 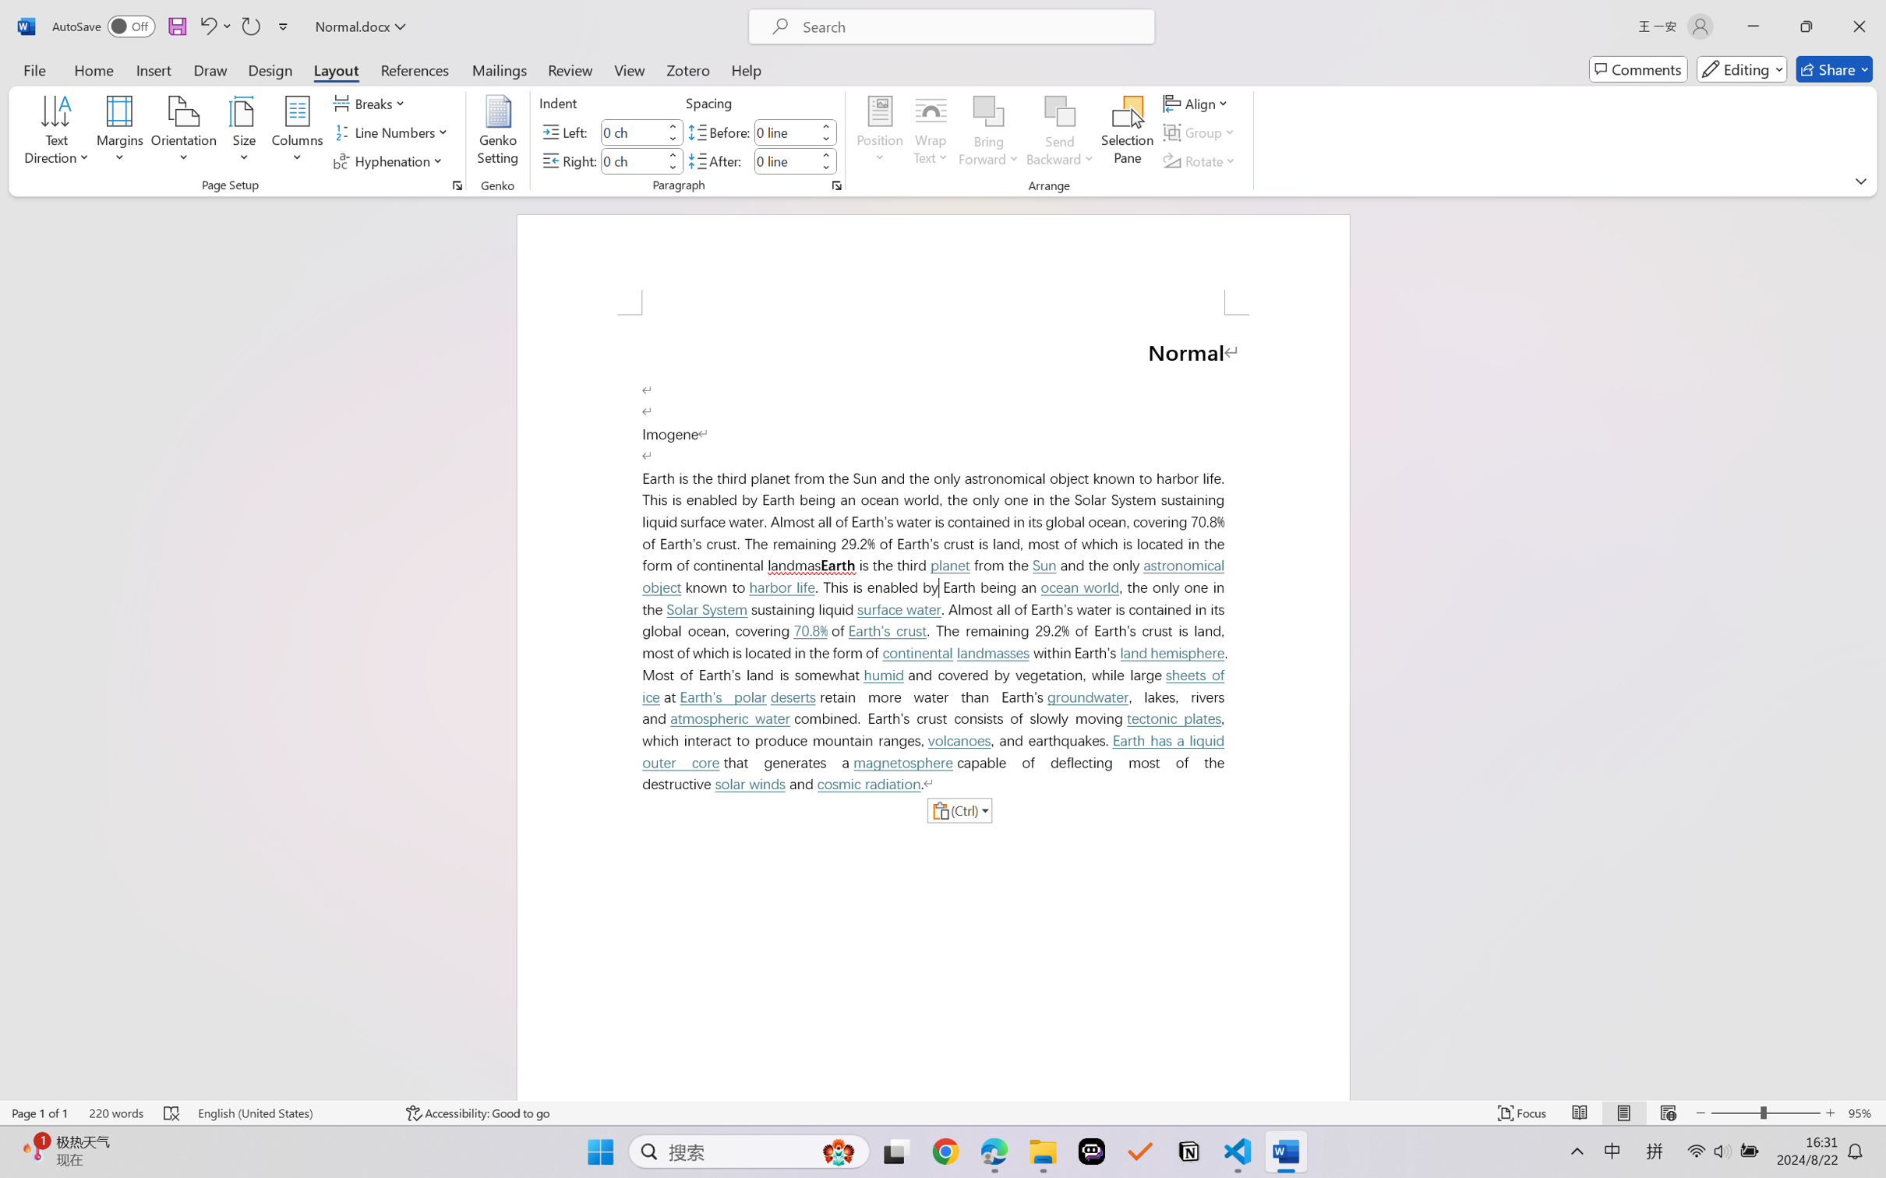 What do you see at coordinates (899, 608) in the screenshot?
I see `'surface water'` at bounding box center [899, 608].